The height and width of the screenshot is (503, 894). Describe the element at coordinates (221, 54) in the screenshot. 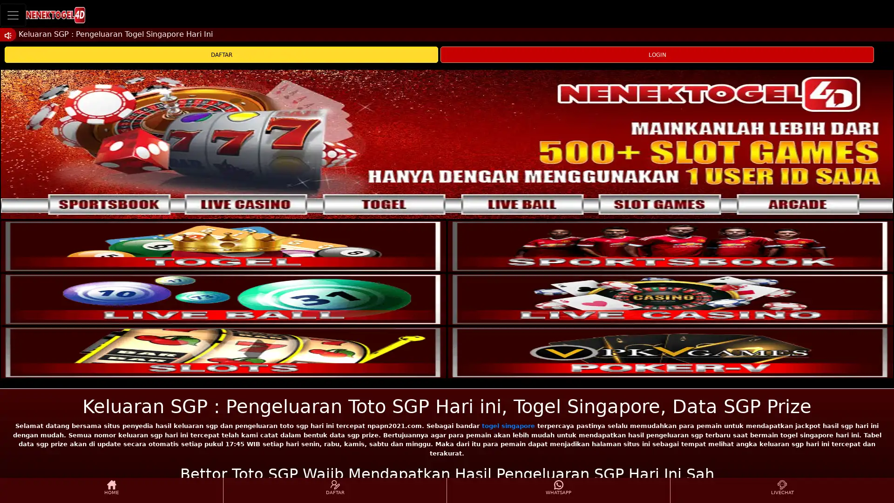

I see `DAFTAR` at that location.